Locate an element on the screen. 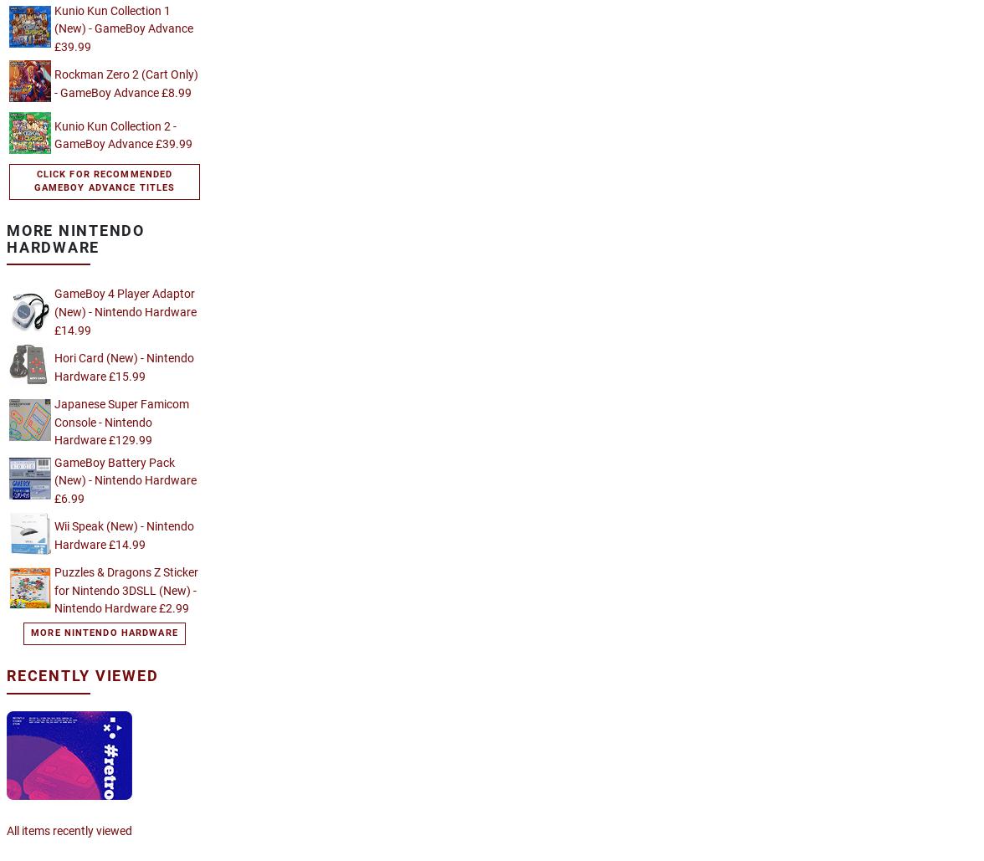 Image resolution: width=984 pixels, height=861 pixels. 'GameBoy 4 Player Adaptor (New) - Nintendo Hardware £14.99' is located at coordinates (126, 311).